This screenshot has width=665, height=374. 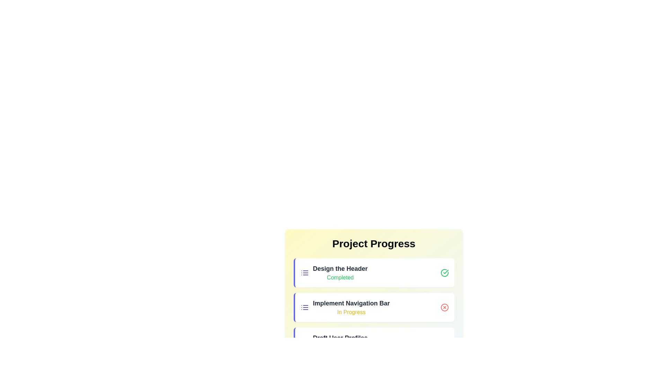 I want to click on the task title Draft User Profiles to expand or edit the task details, so click(x=340, y=337).